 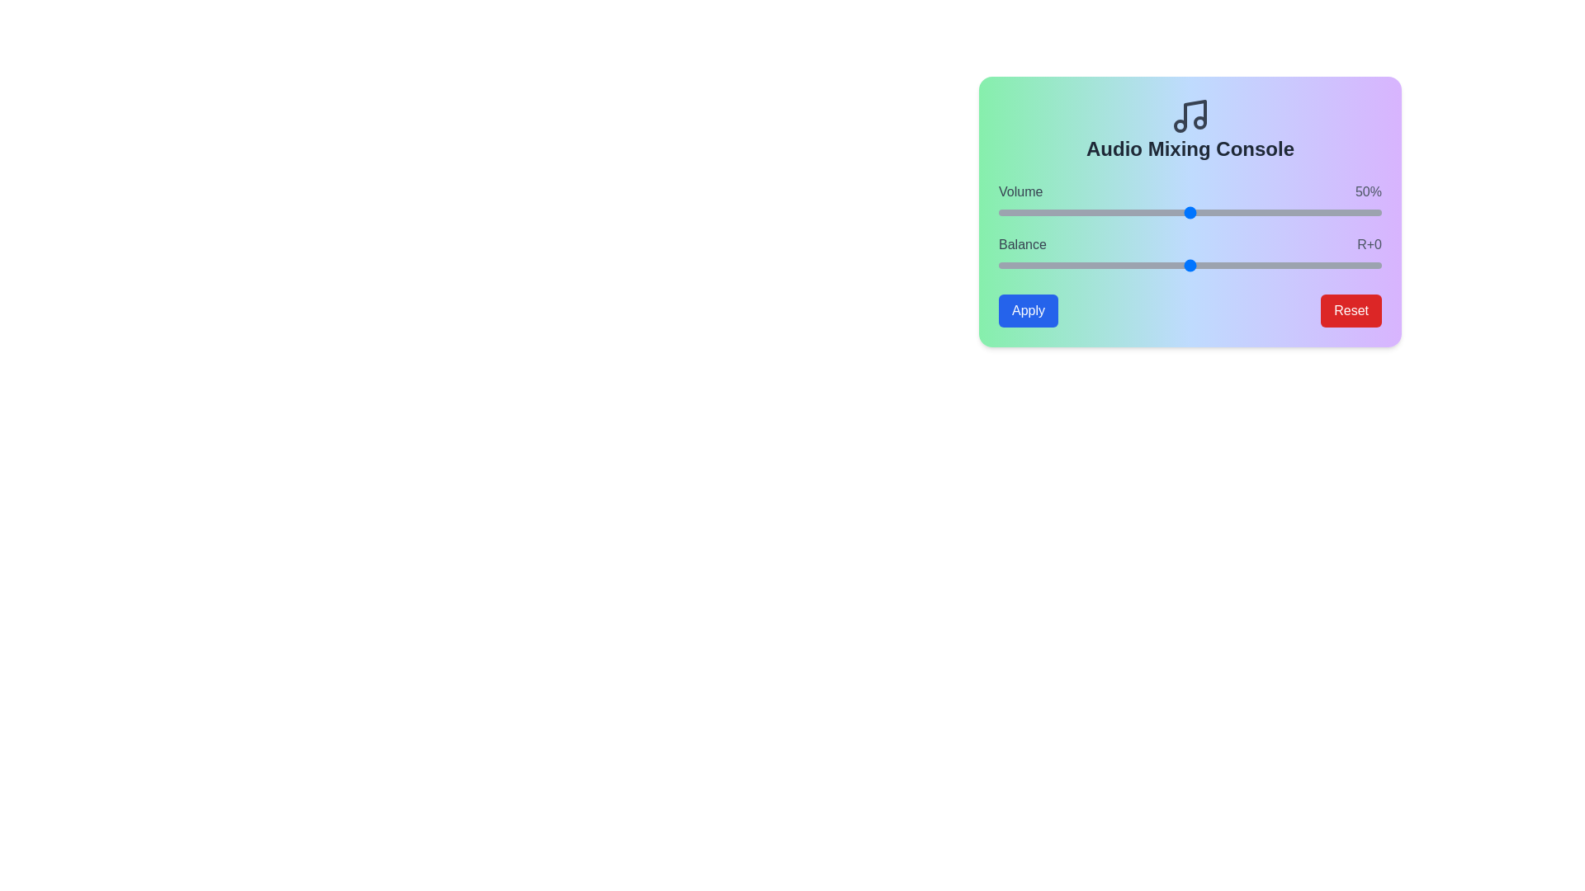 I want to click on the Decorative Icon located at the top-center of the panel, which visually reinforces the audio-related theme, above the 'Audio Mixing Console' text, so click(x=1190, y=115).